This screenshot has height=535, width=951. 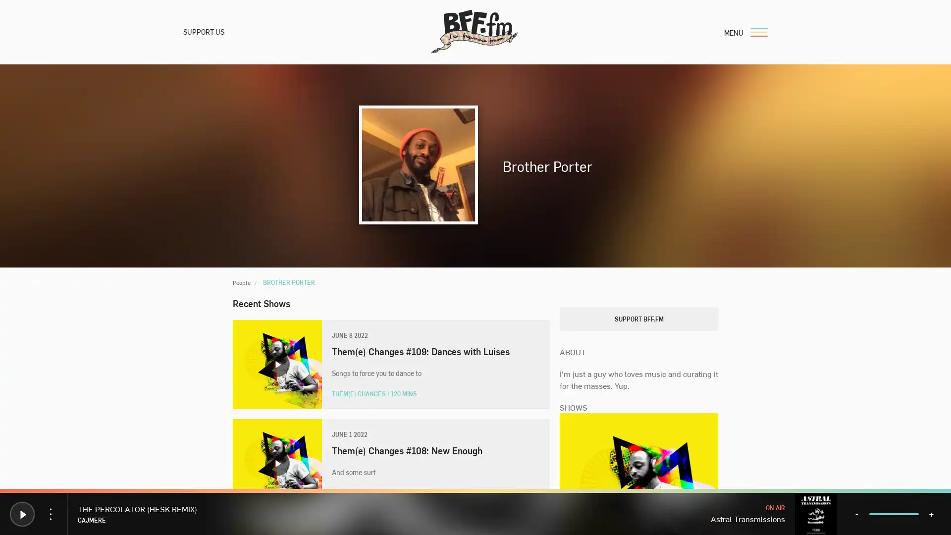 I want to click on Search, so click(x=574, y=347).